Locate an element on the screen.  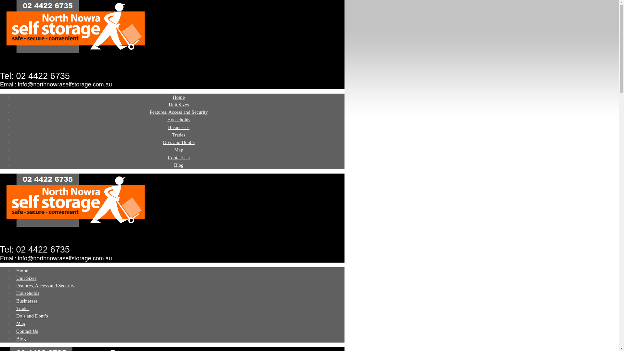
'Tel: 02 4422 6735' is located at coordinates (0, 76).